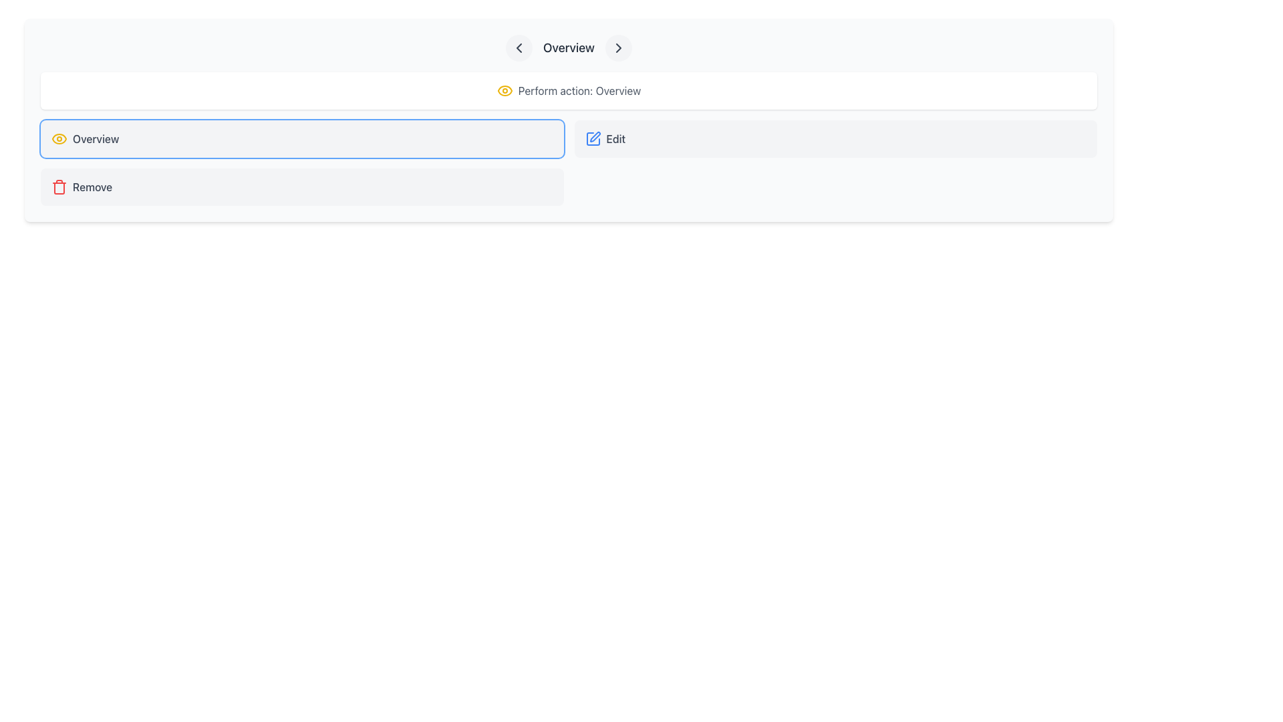  I want to click on the delete icon located at the leftmost side of the 'Remove' button, so click(59, 187).